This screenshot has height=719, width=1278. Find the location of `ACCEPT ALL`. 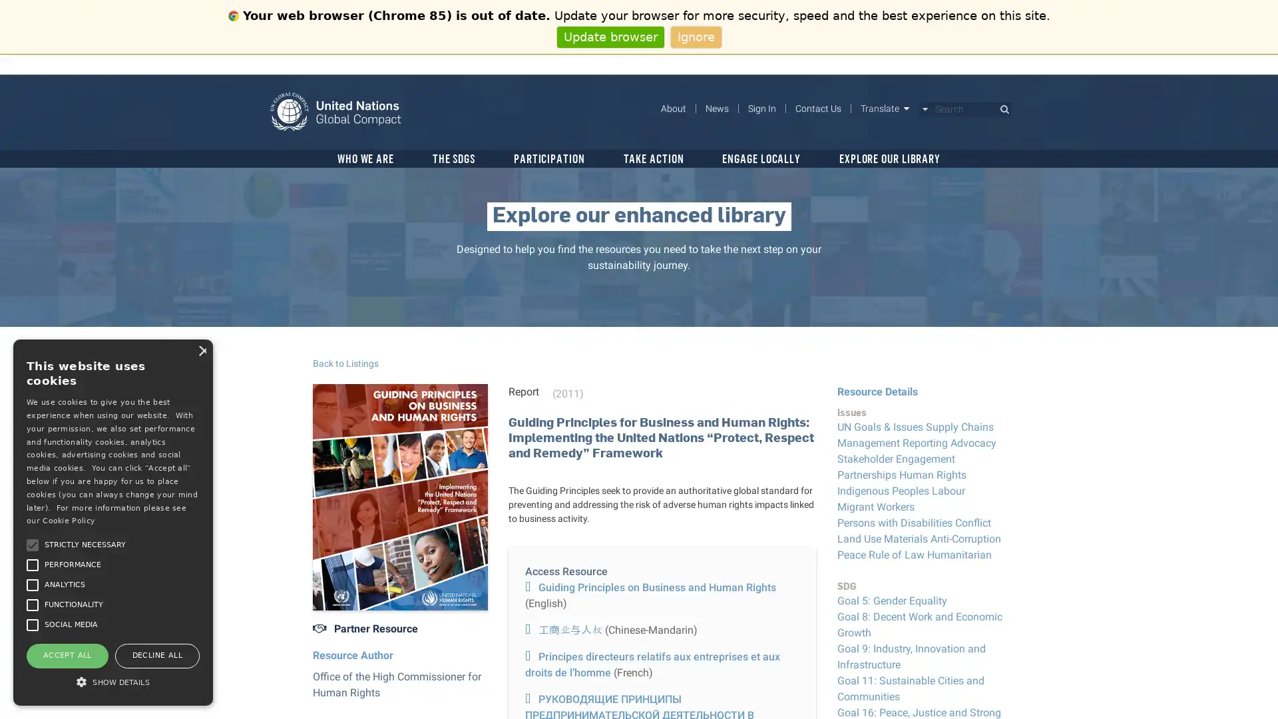

ACCEPT ALL is located at coordinates (66, 654).